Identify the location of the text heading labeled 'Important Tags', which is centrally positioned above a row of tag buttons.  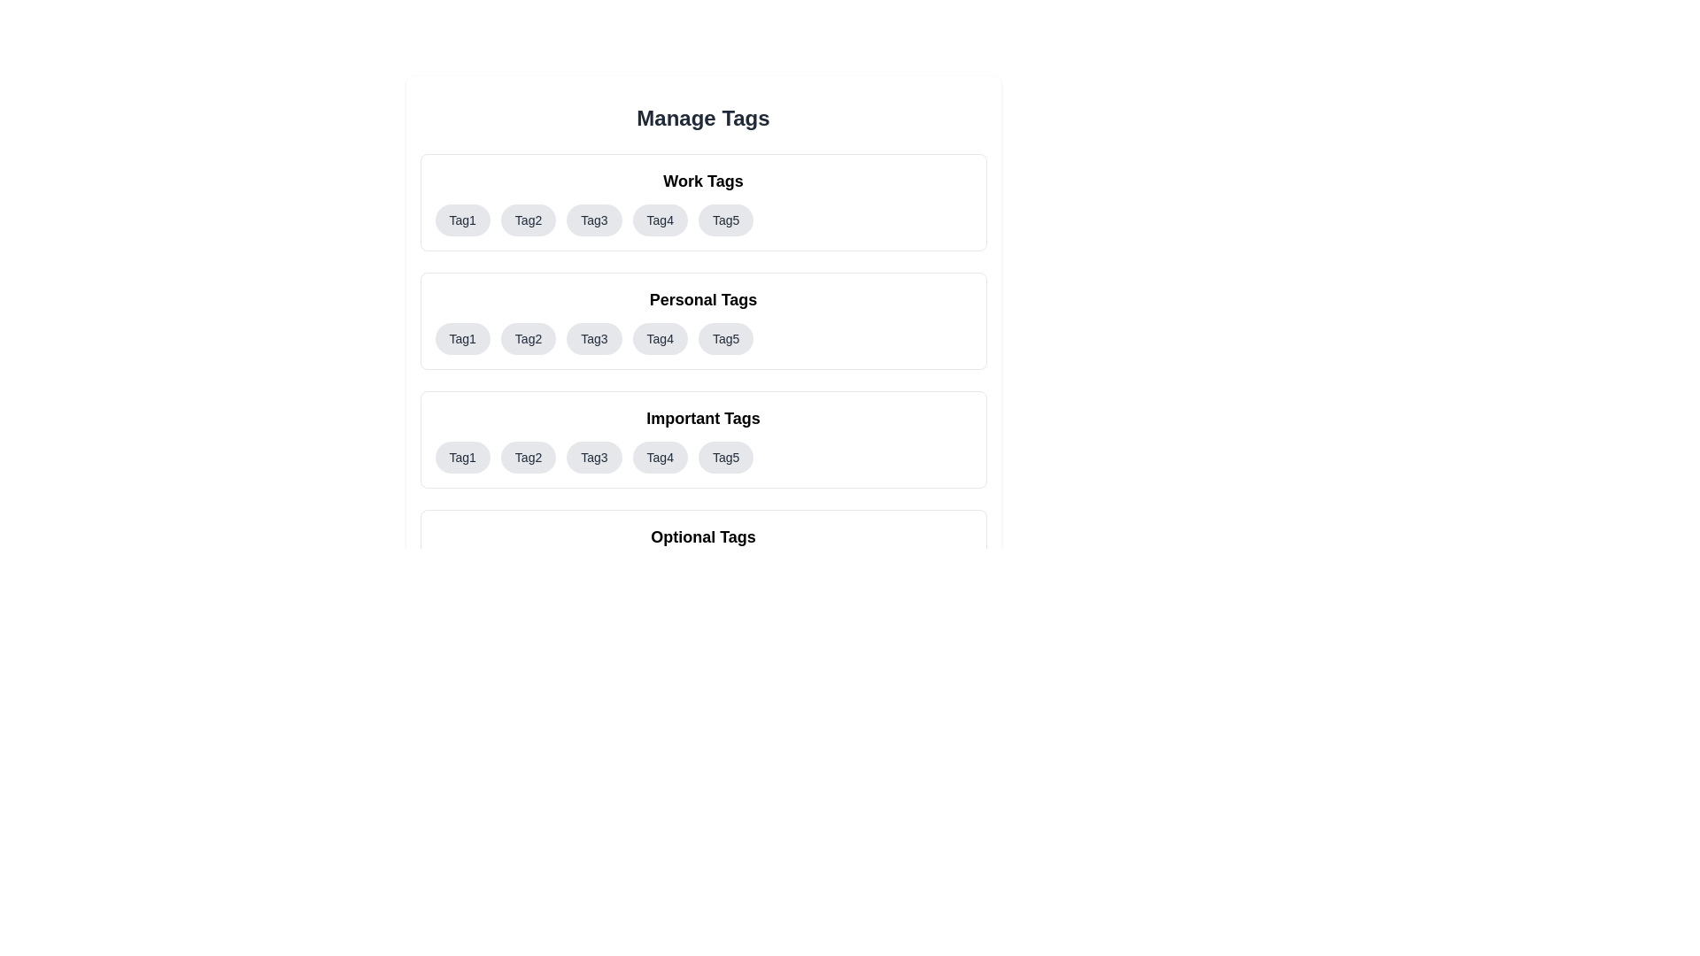
(702, 419).